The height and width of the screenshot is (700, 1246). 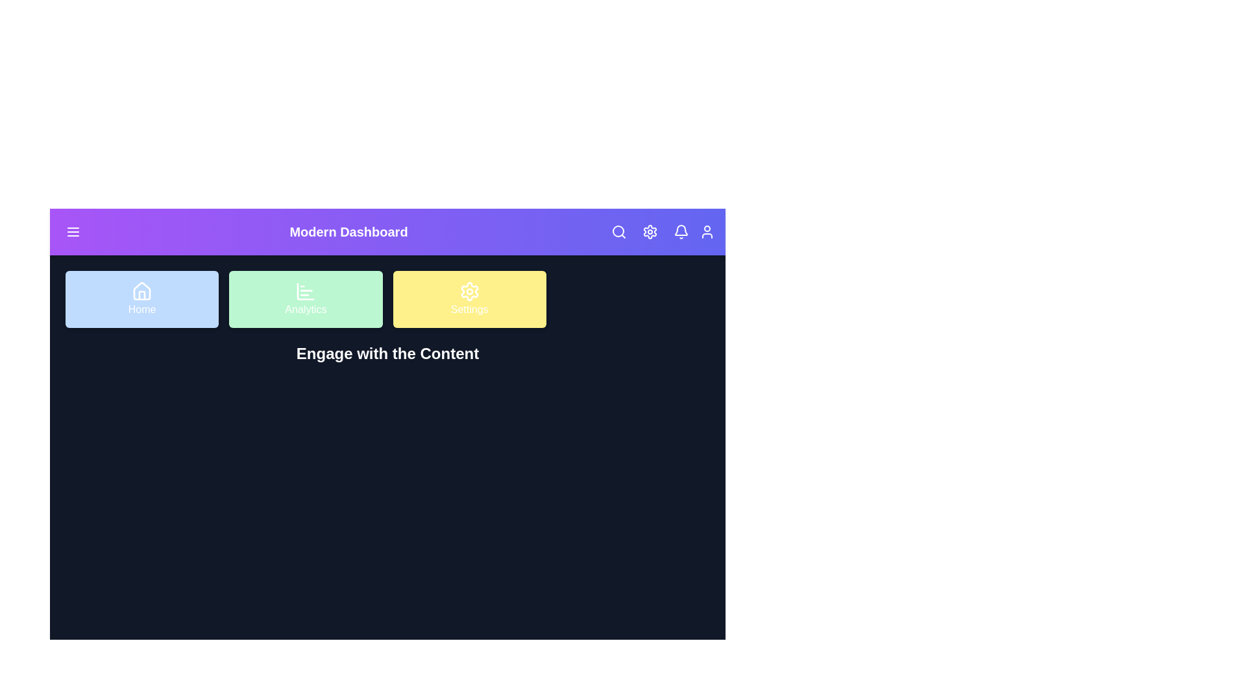 What do you see at coordinates (681, 231) in the screenshot?
I see `the bell icon to view notifications` at bounding box center [681, 231].